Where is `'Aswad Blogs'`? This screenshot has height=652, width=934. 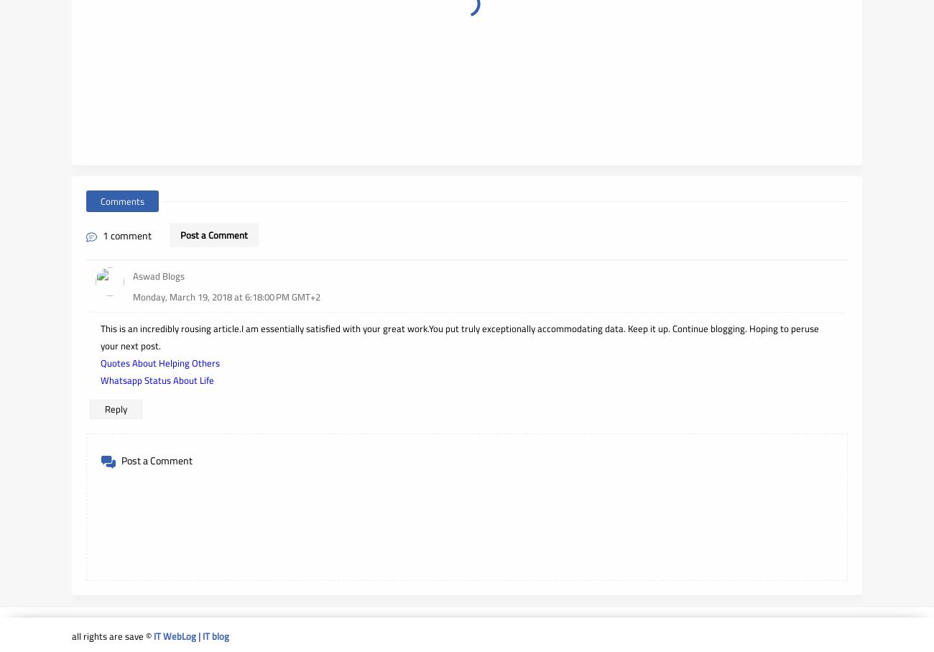
'Aswad Blogs' is located at coordinates (158, 276).